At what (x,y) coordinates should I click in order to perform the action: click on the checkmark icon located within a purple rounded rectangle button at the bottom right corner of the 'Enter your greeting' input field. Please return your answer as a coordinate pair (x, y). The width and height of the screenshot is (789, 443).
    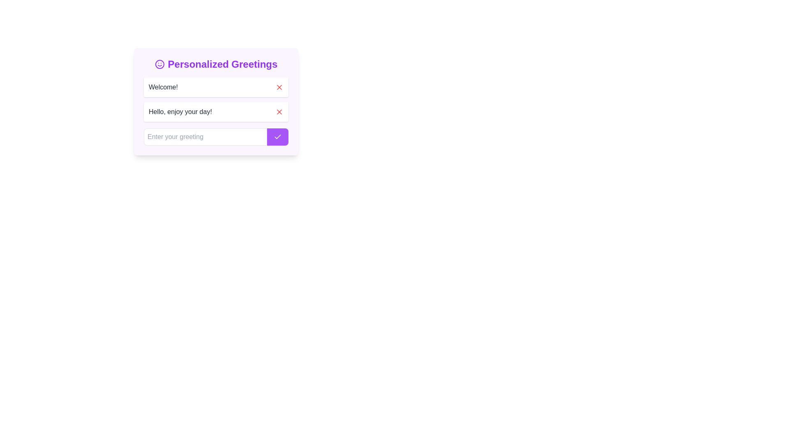
    Looking at the image, I should click on (278, 137).